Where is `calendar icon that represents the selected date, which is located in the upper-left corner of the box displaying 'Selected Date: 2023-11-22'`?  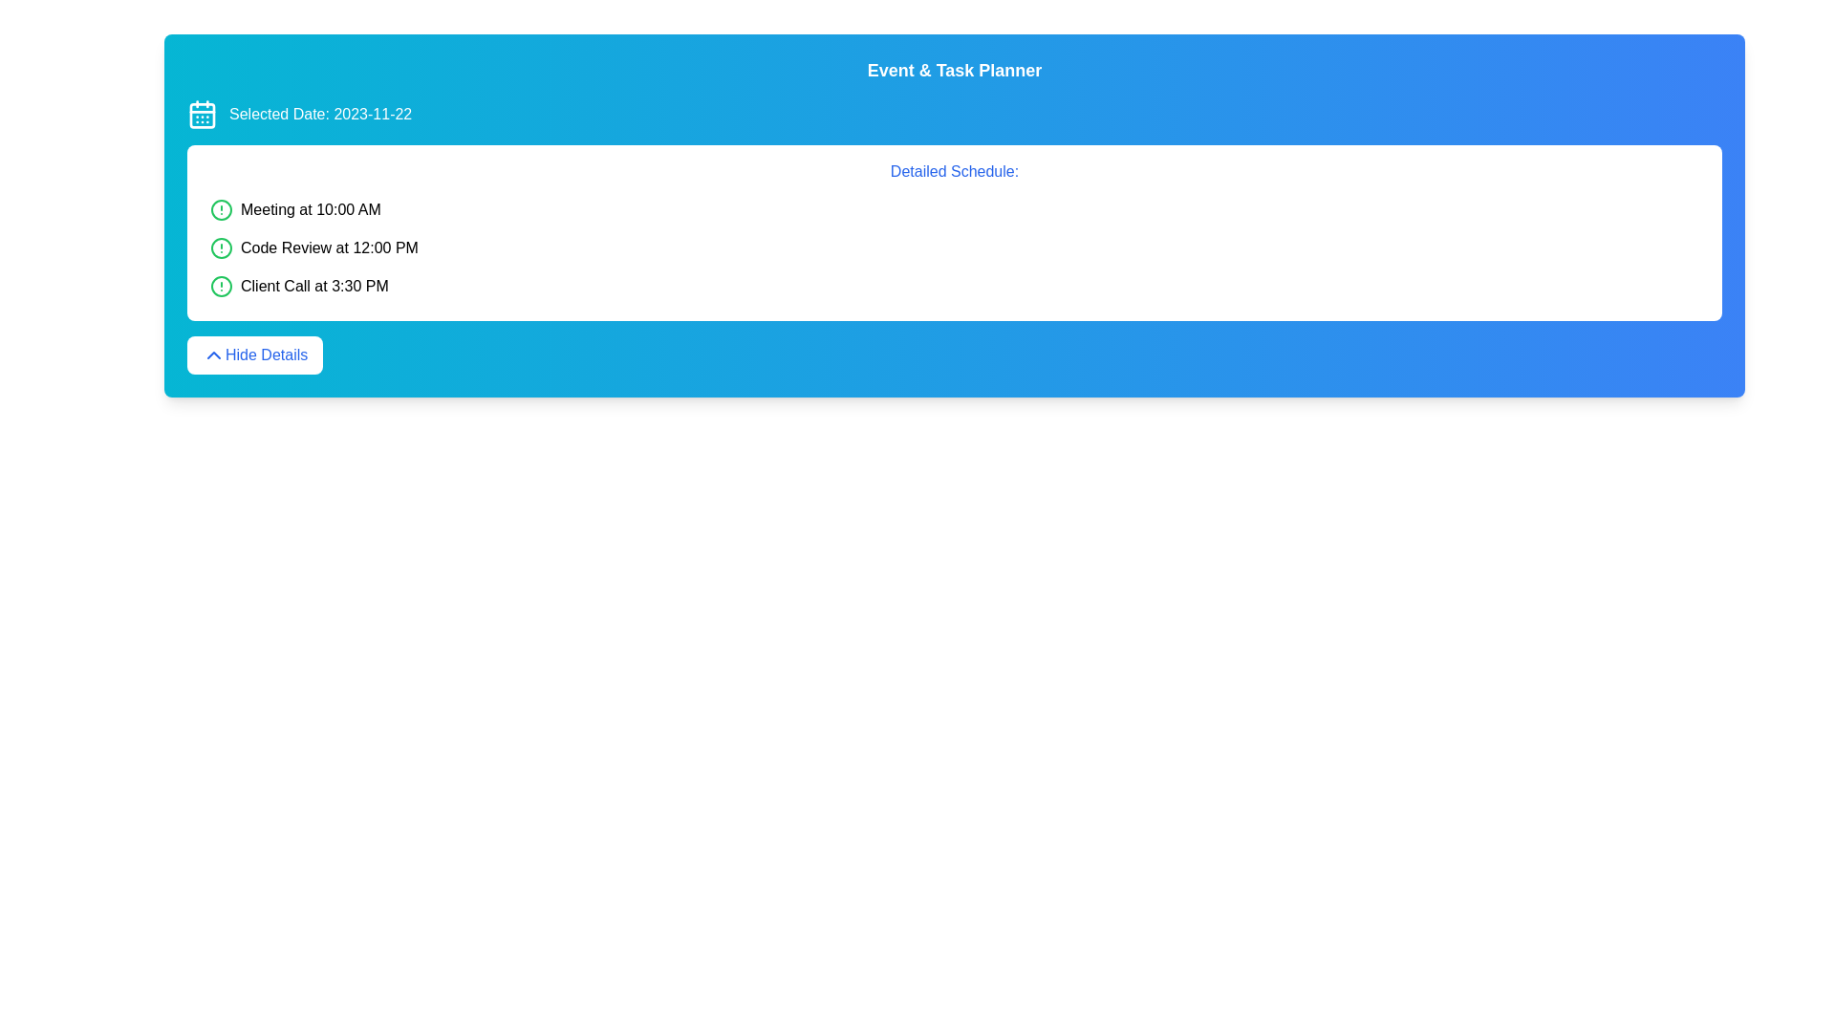
calendar icon that represents the selected date, which is located in the upper-left corner of the box displaying 'Selected Date: 2023-11-22' is located at coordinates (202, 114).